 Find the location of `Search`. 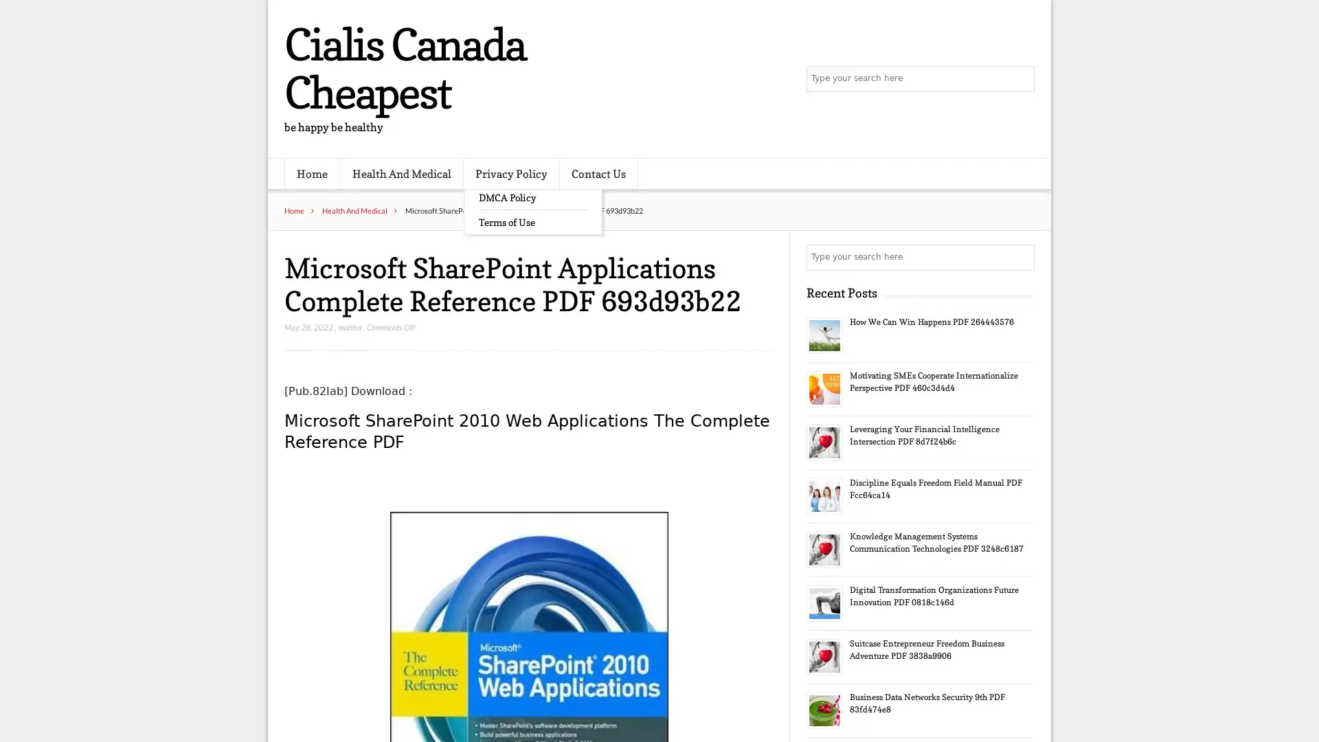

Search is located at coordinates (1020, 79).